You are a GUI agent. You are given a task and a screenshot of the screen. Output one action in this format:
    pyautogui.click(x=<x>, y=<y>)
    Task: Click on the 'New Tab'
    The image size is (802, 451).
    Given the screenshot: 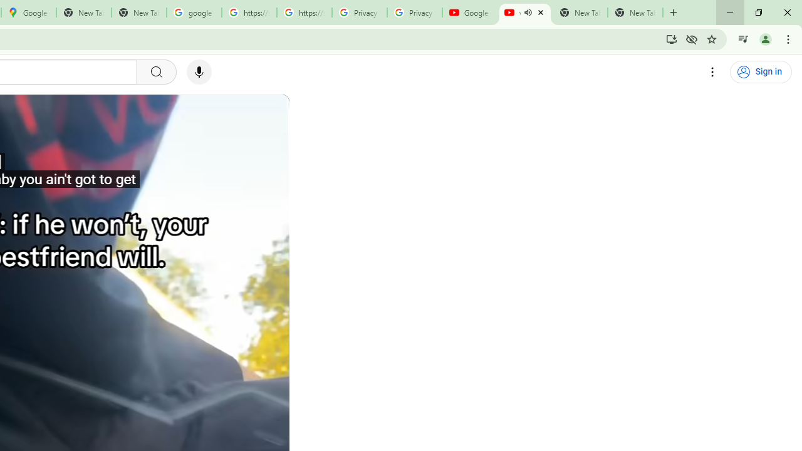 What is the action you would take?
    pyautogui.click(x=635, y=13)
    